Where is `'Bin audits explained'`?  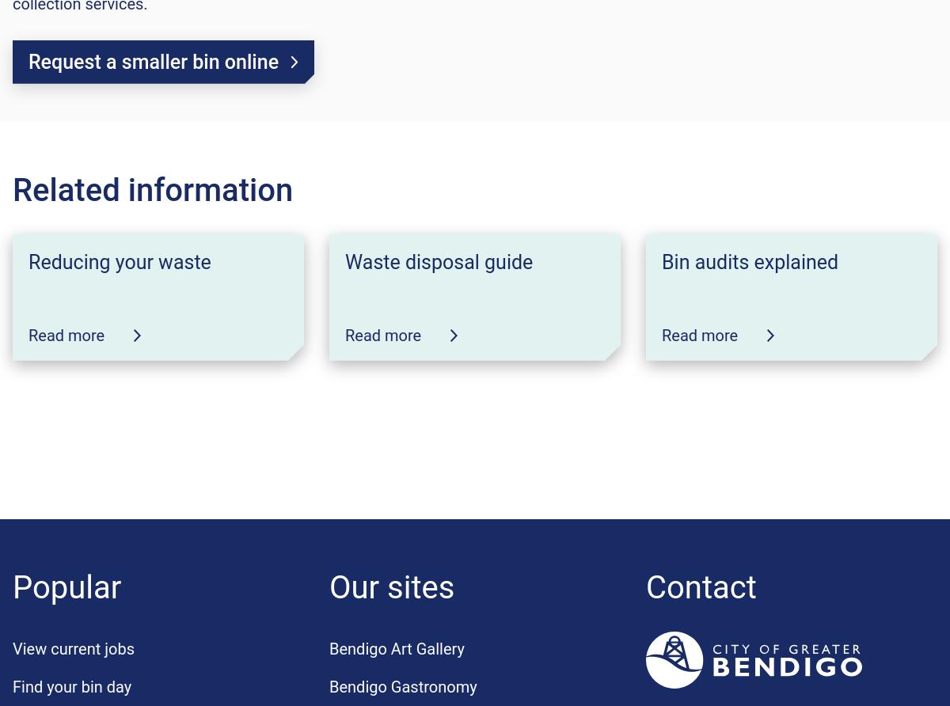
'Bin audits explained' is located at coordinates (750, 261).